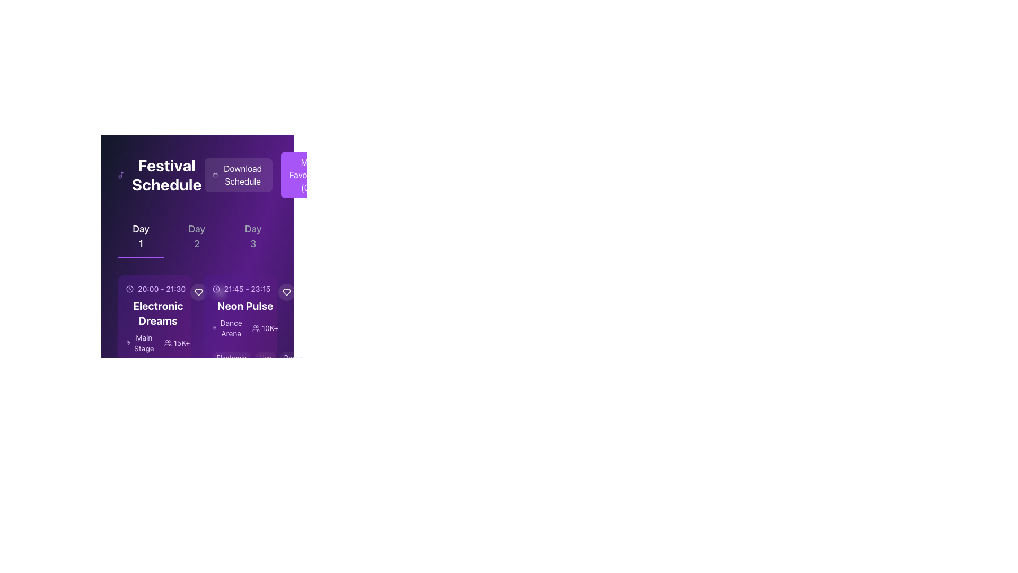  What do you see at coordinates (215, 289) in the screenshot?
I see `the decorative circular vector shape that is part of the clock icon, located near the label '21:45 - 23:15' and above the text 'Dance Arena'` at bounding box center [215, 289].